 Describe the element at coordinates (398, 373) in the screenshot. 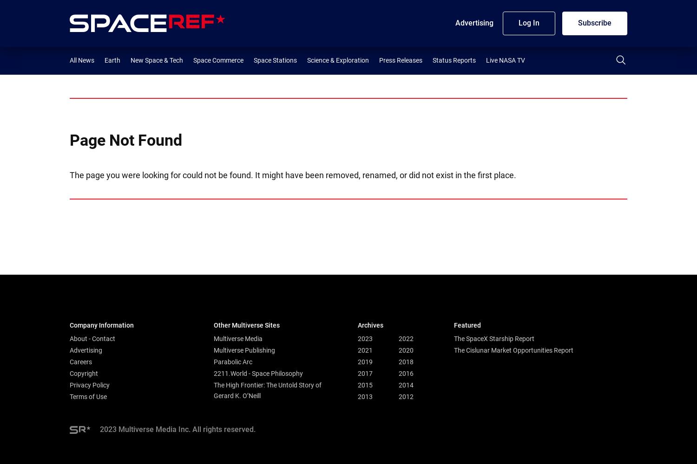

I see `'2016'` at that location.